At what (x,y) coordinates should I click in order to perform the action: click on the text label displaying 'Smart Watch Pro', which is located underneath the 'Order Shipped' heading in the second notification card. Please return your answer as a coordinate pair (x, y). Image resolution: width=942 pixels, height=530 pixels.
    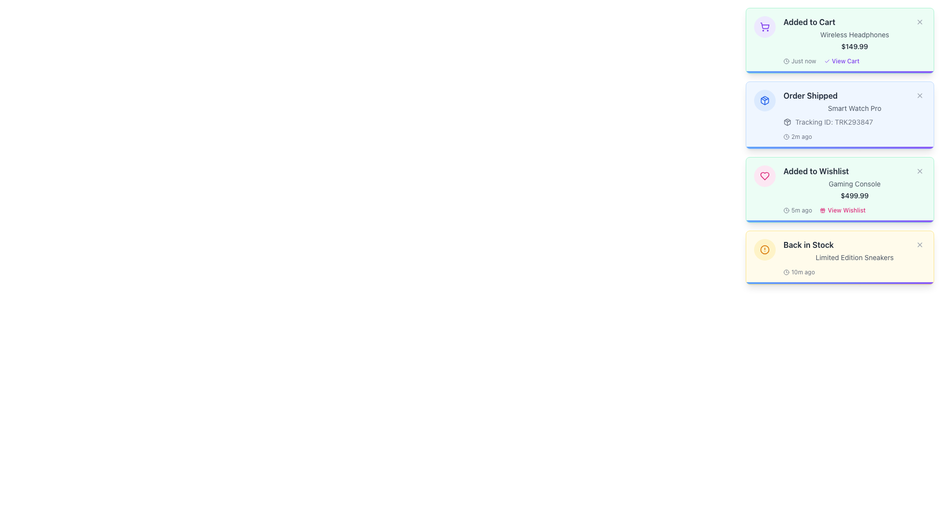
    Looking at the image, I should click on (854, 108).